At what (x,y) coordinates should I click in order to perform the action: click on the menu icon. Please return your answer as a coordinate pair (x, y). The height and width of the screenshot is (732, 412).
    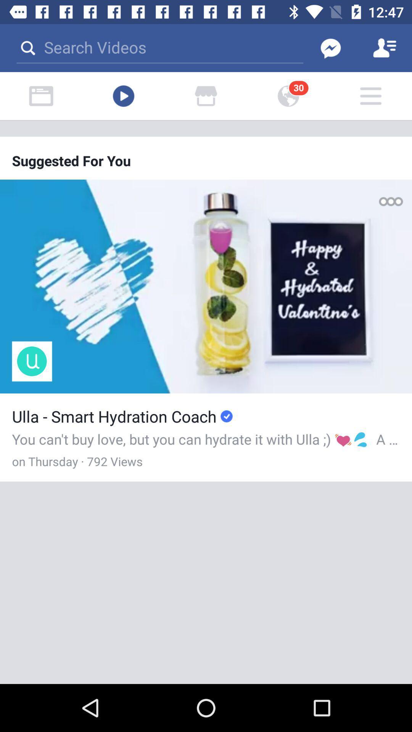
    Looking at the image, I should click on (370, 96).